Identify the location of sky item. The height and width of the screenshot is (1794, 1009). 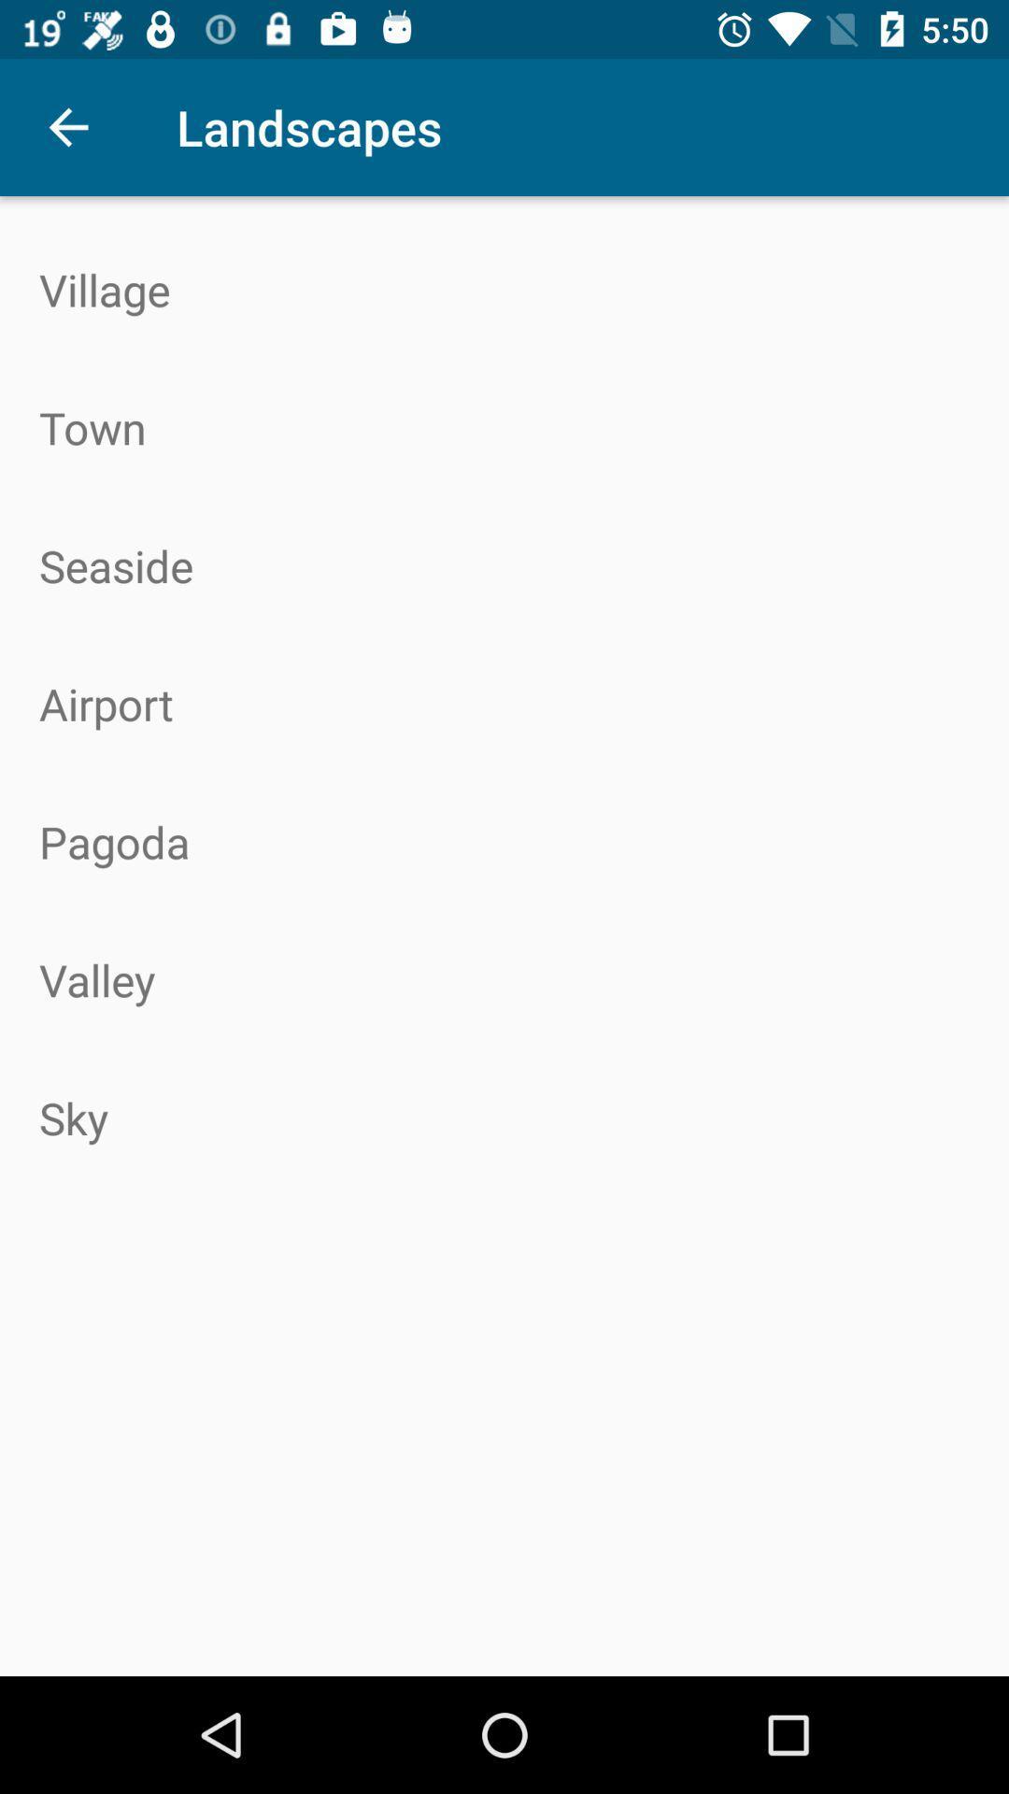
(504, 1118).